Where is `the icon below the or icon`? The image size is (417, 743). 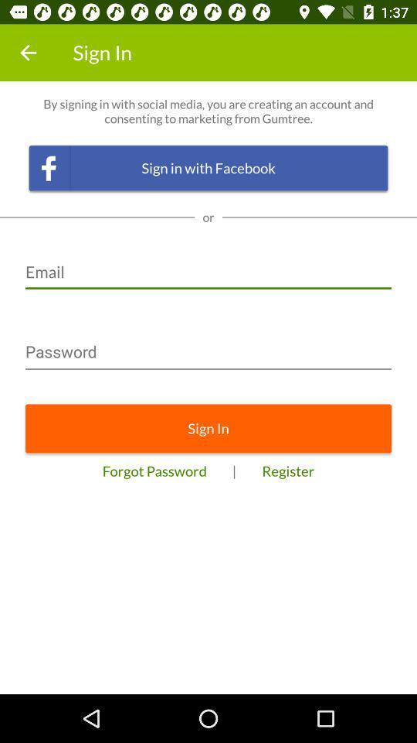 the icon below the or icon is located at coordinates (208, 267).